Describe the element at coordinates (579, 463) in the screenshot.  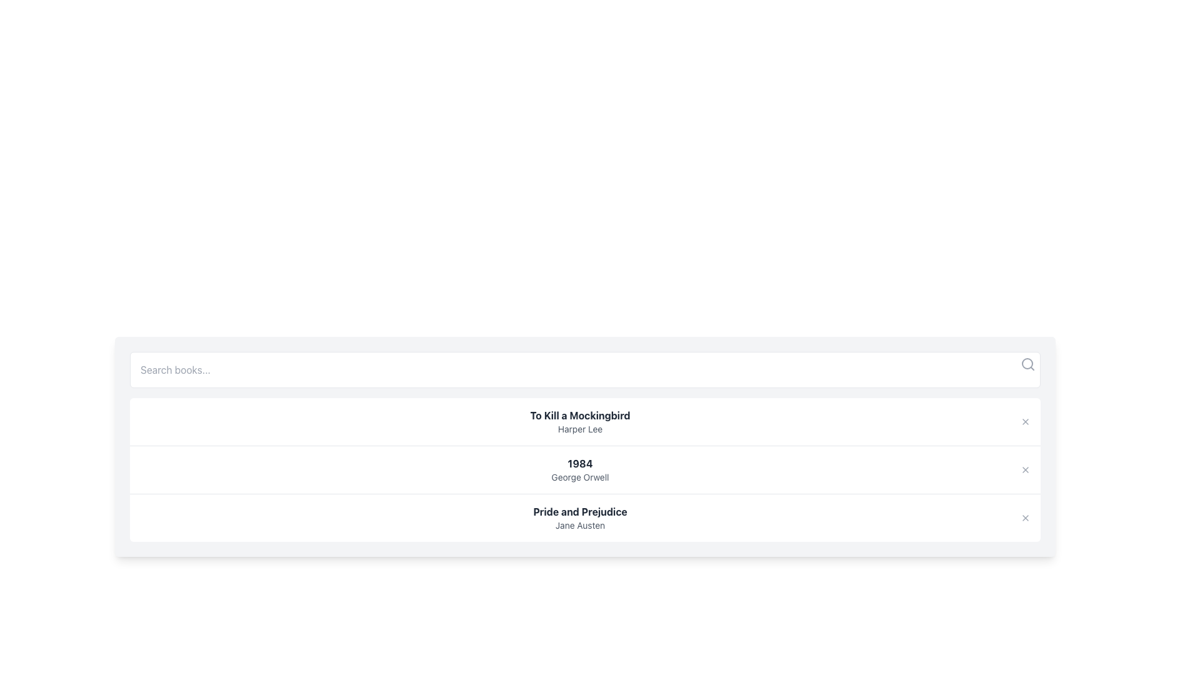
I see `the title of the book located in the second row of the list, which is centrally aligned above the text 'George Orwell'` at that location.